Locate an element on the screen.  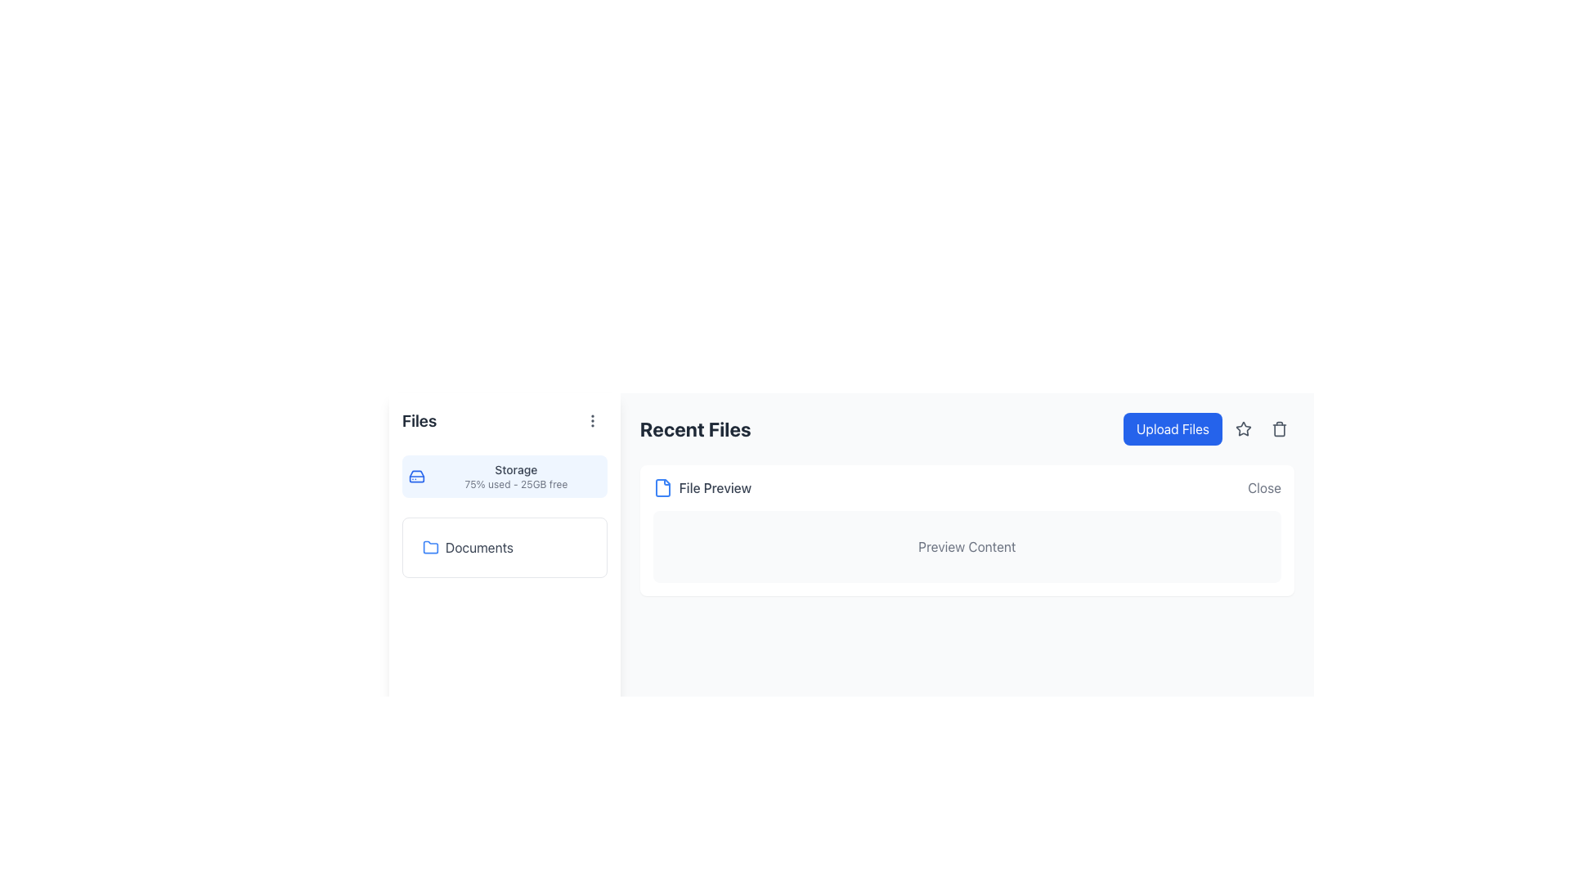
the Text label indicating the current file or action in the 'Recent Files' section is located at coordinates (702, 487).